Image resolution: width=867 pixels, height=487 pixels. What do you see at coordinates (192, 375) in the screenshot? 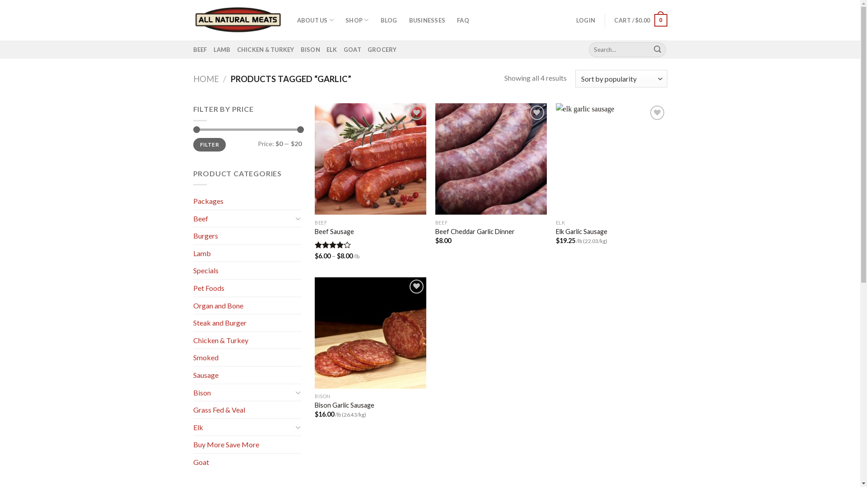
I see `'Sausage'` at bounding box center [192, 375].